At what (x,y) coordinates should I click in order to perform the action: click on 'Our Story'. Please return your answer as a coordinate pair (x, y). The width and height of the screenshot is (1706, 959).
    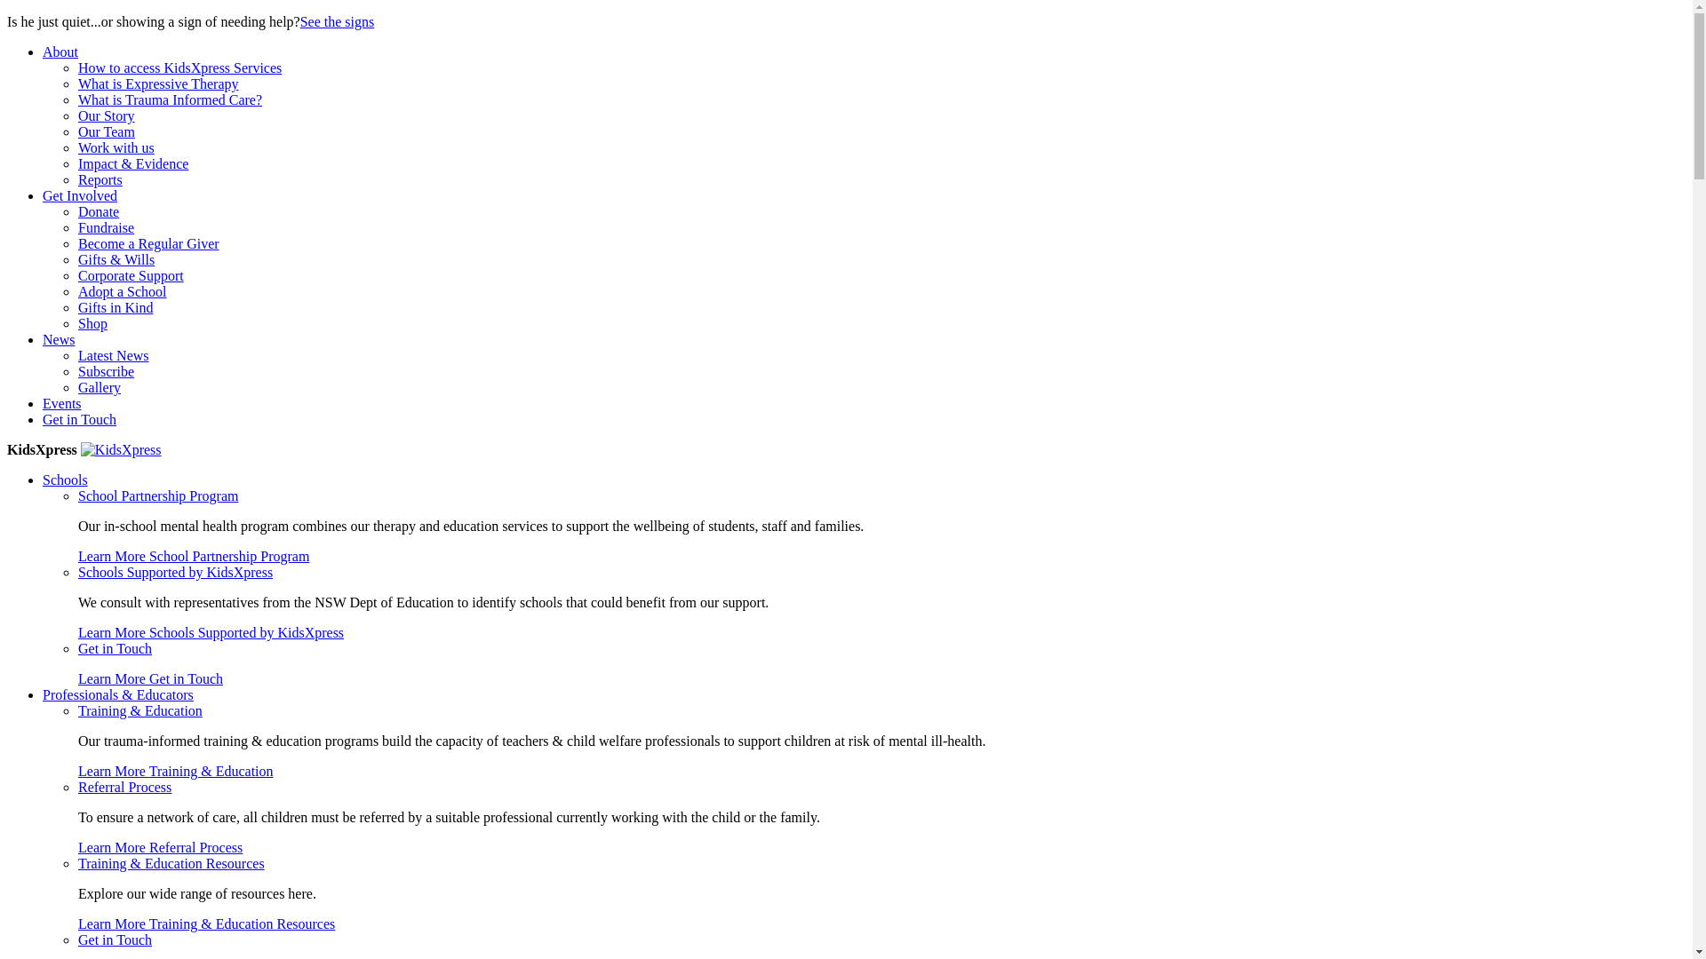
    Looking at the image, I should click on (106, 115).